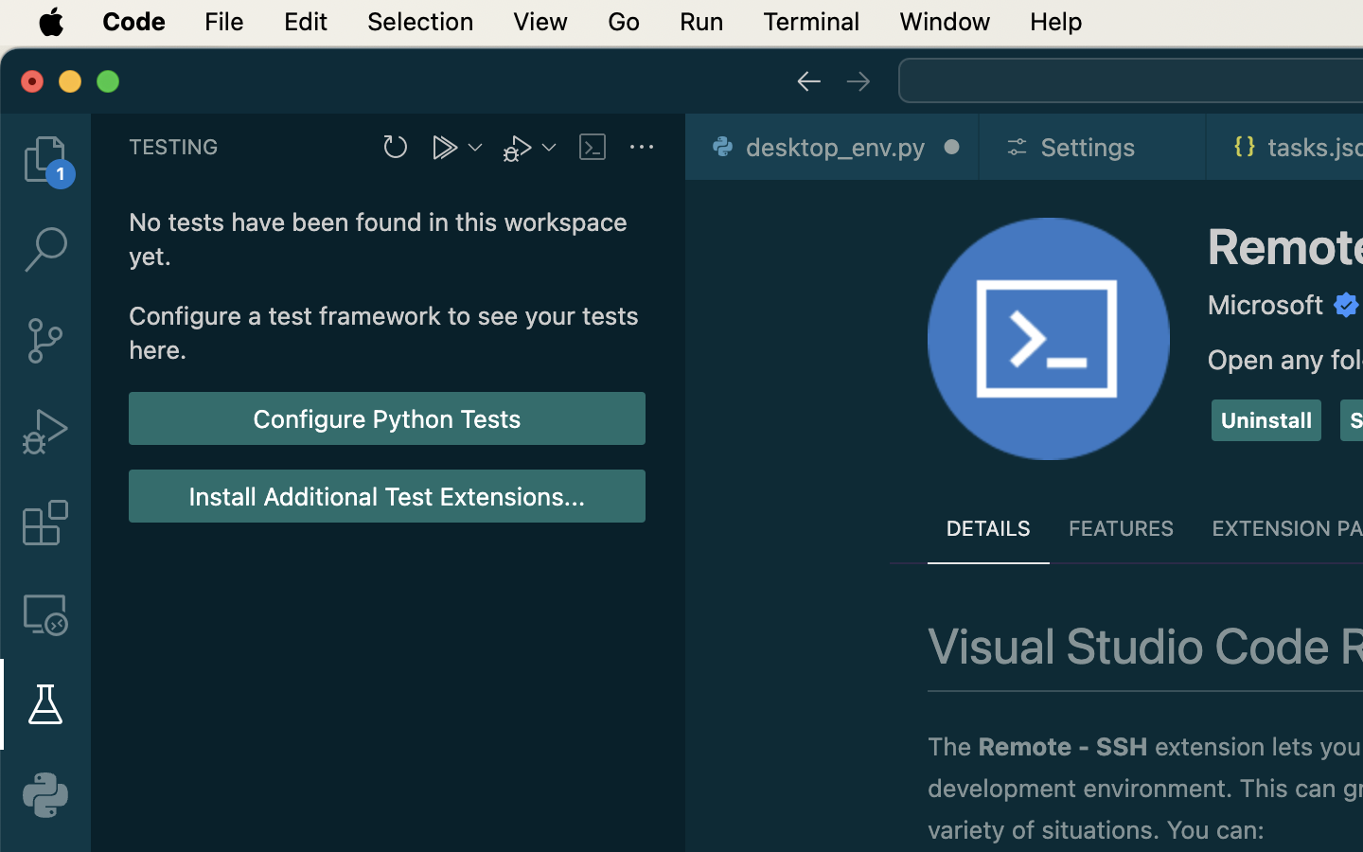 This screenshot has height=852, width=1363. I want to click on 'Microsoft', so click(1266, 304).